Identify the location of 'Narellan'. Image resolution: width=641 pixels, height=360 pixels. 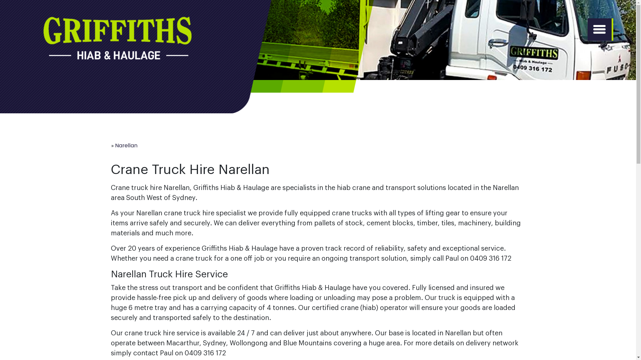
(126, 145).